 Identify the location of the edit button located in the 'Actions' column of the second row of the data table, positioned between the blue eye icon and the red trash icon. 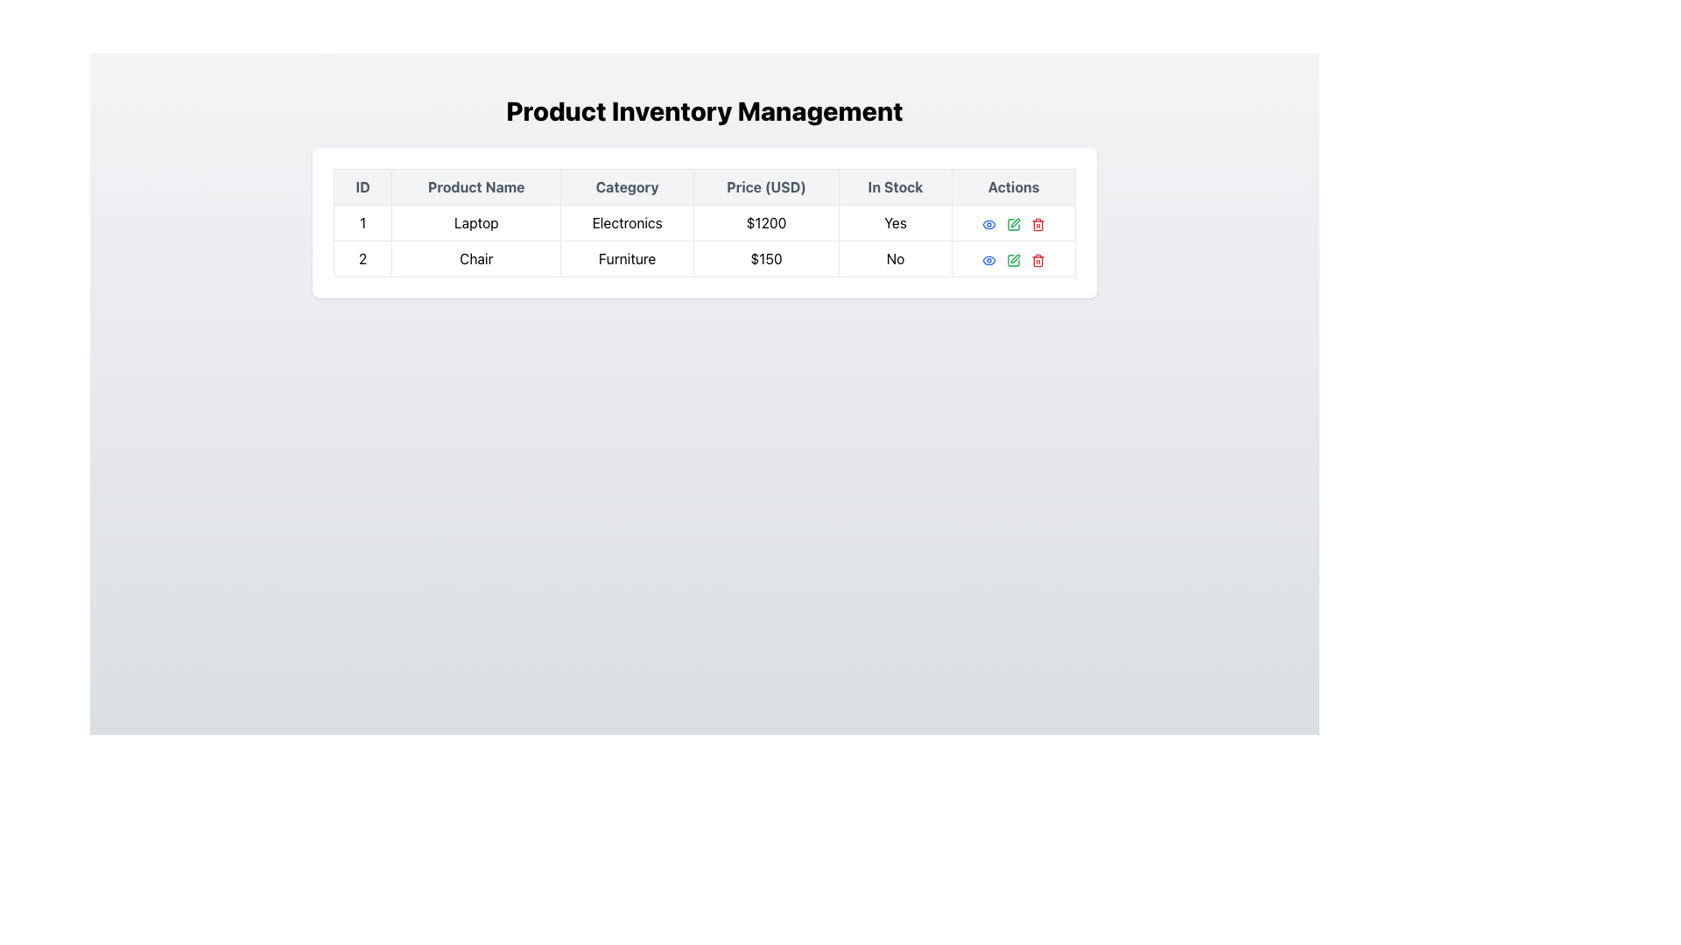
(1013, 221).